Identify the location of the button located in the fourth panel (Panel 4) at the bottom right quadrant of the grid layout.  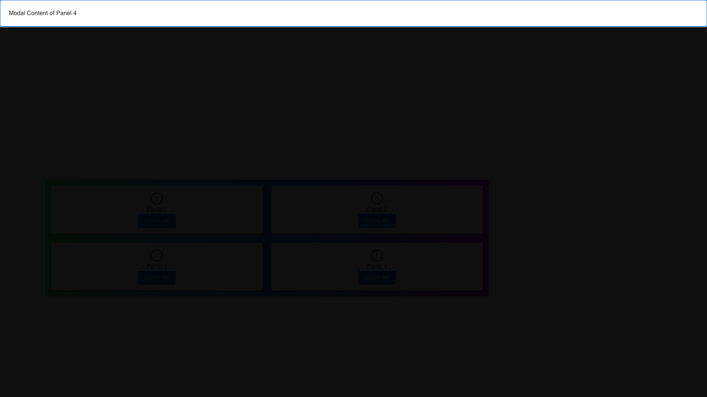
(377, 277).